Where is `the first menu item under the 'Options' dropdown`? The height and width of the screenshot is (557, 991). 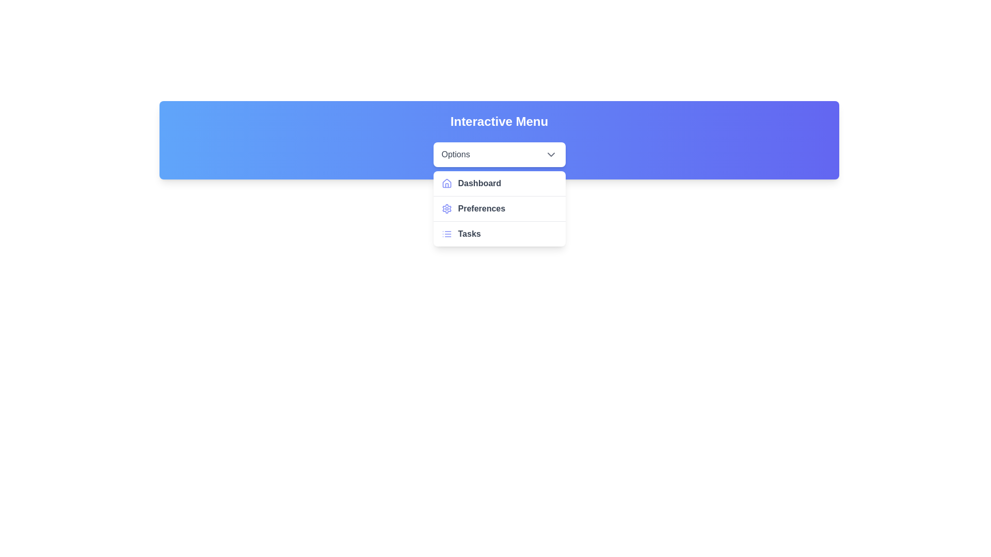
the first menu item under the 'Options' dropdown is located at coordinates (499, 183).